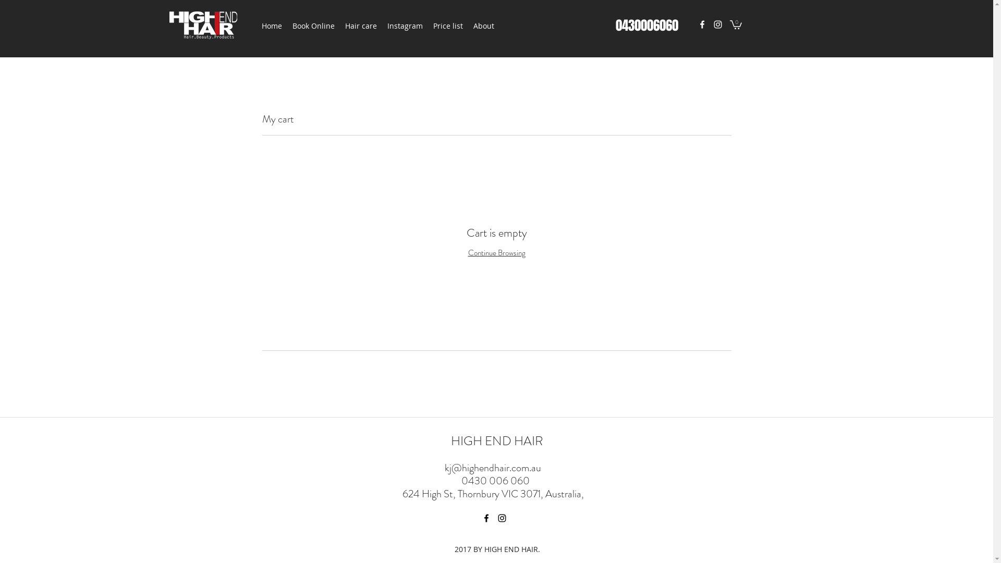 The height and width of the screenshot is (563, 1001). I want to click on 'kj@highendhair.com.au', so click(492, 467).